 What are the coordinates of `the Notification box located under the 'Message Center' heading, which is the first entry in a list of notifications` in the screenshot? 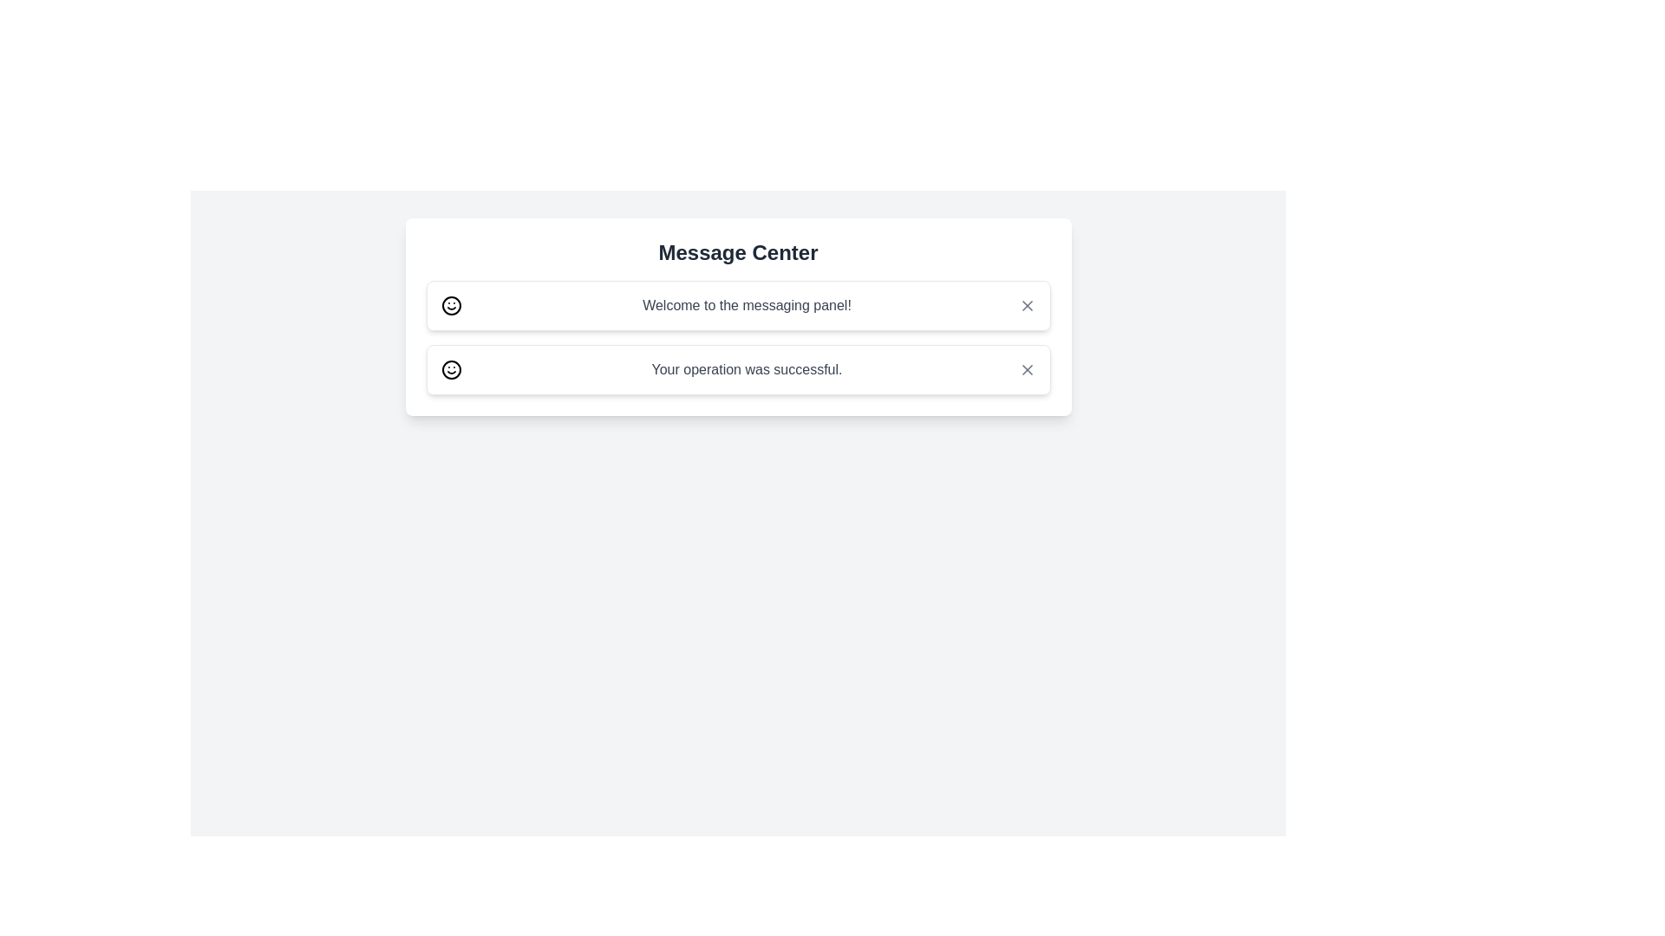 It's located at (738, 317).